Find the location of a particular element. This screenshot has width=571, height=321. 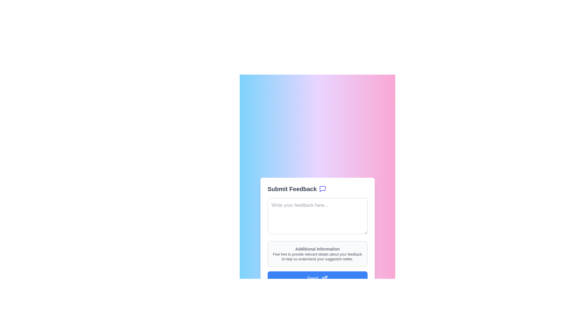

the submit button located at the bottom of the feedback form is located at coordinates (317, 278).